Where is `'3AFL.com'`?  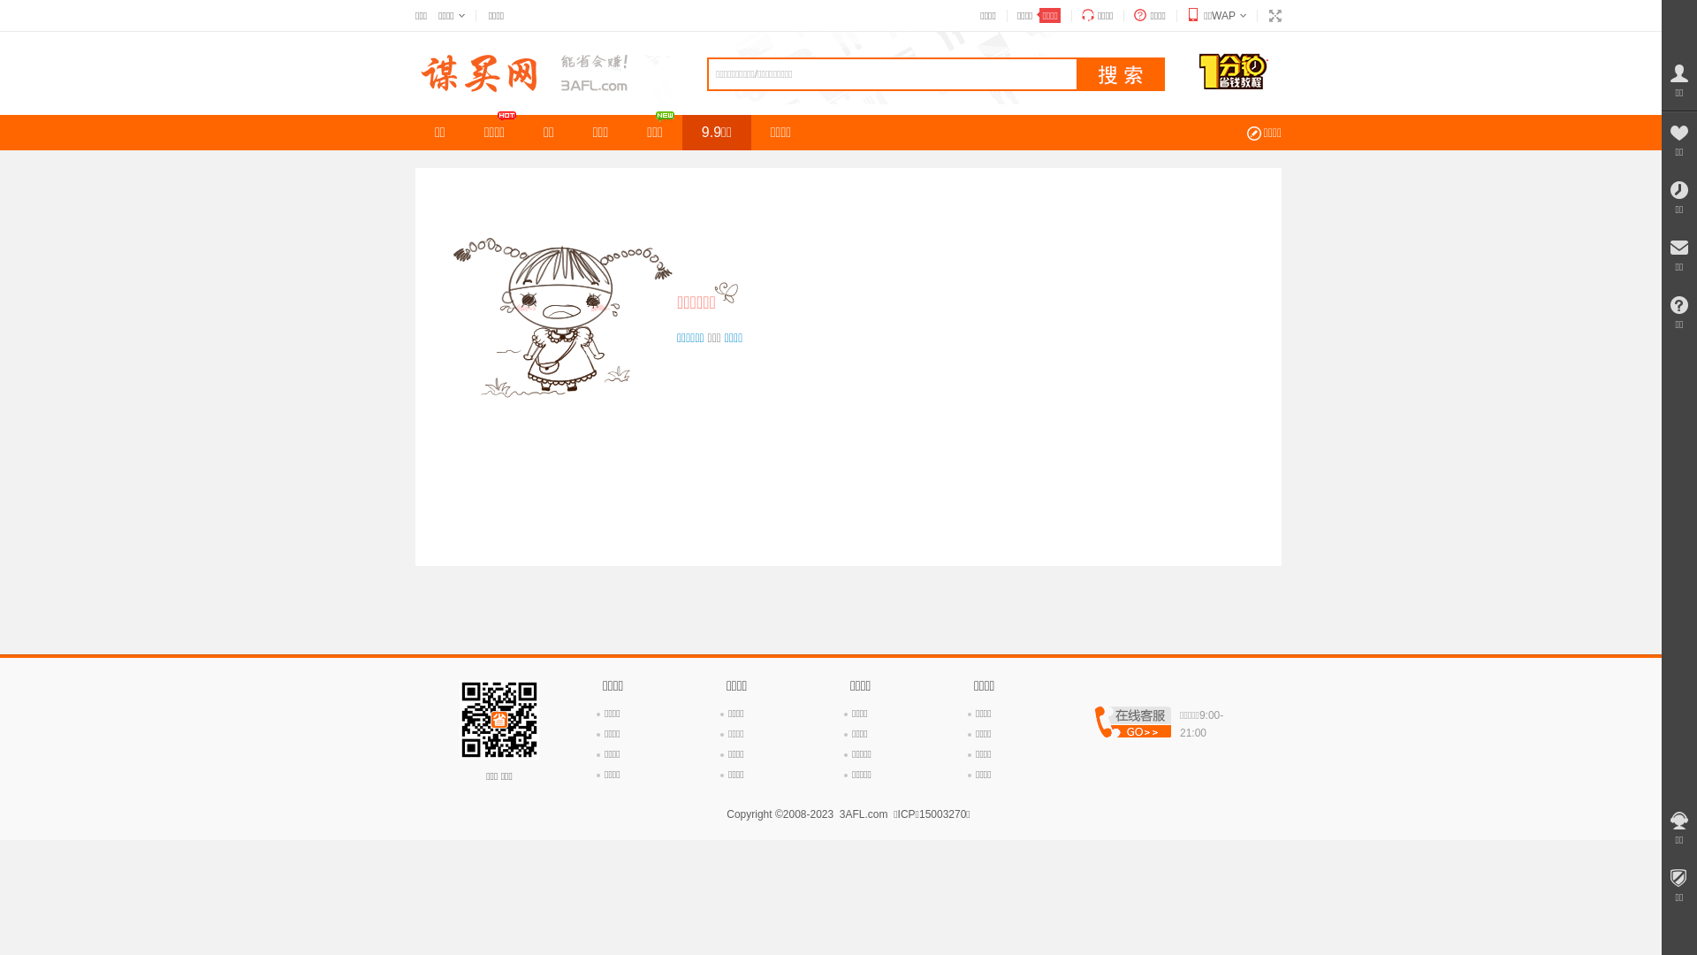 '3AFL.com' is located at coordinates (864, 814).